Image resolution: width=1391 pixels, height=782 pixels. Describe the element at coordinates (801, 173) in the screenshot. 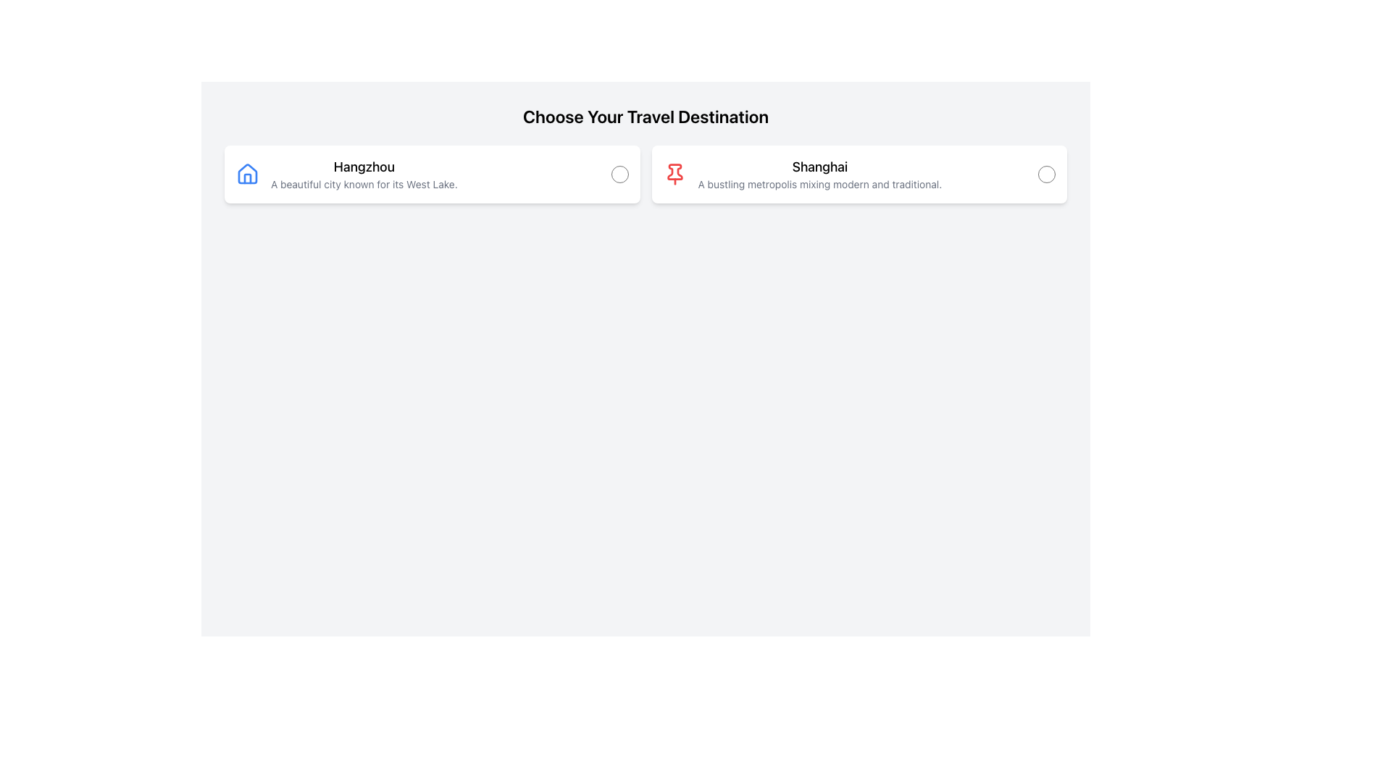

I see `the text region of the descriptive component for the travel destination 'Shanghai'` at that location.